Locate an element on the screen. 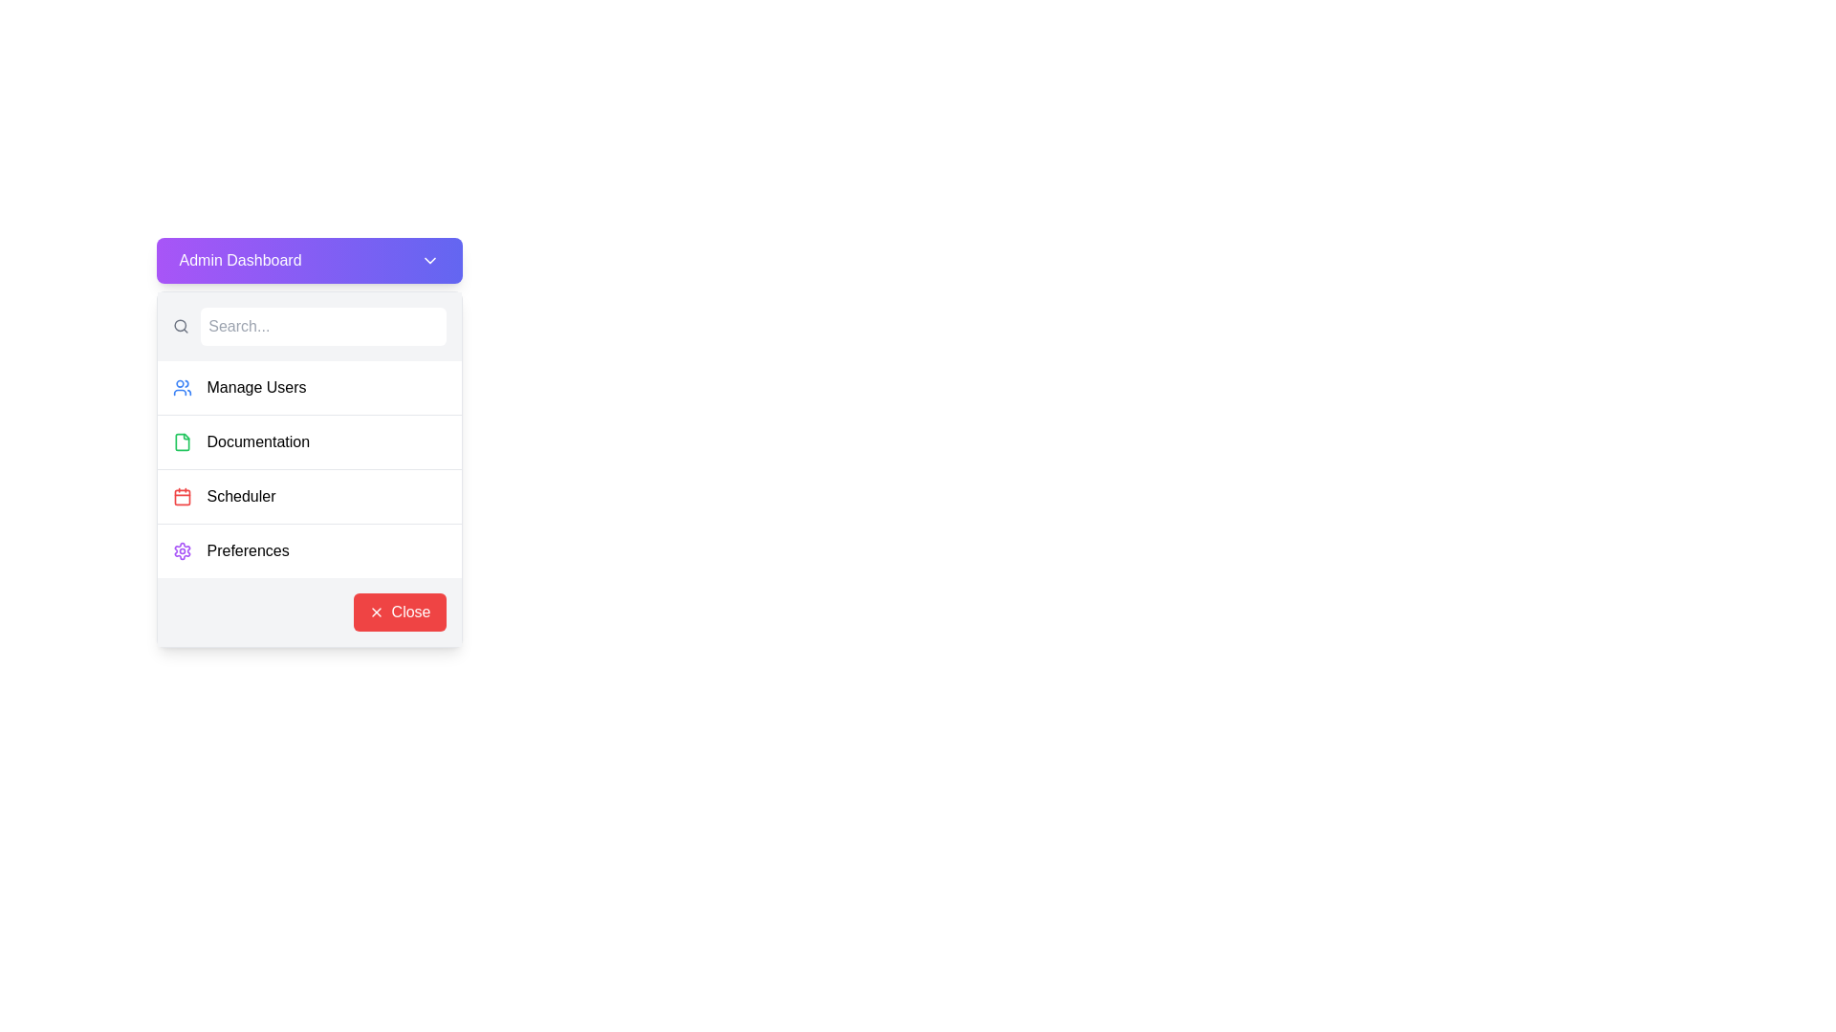 The width and height of the screenshot is (1836, 1032). the purple gear icon in the 'Preferences' dropdown menu, which is located to the left of the text 'Preferences' is located at coordinates (182, 551).